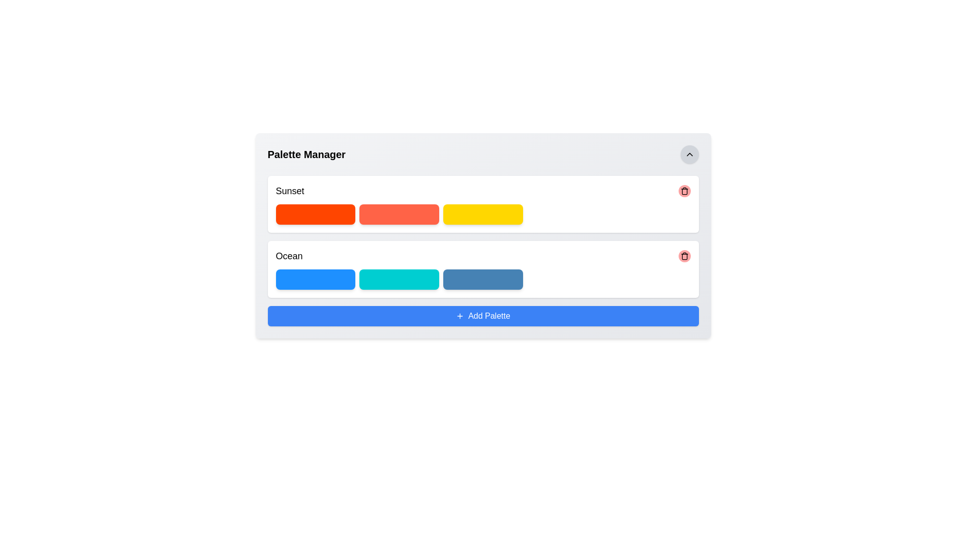 This screenshot has height=549, width=976. I want to click on the upward-pointing black chevron icon located within the circular button at the top-right corner of the panel, next to the 'Palette Manager' heading, so click(689, 155).